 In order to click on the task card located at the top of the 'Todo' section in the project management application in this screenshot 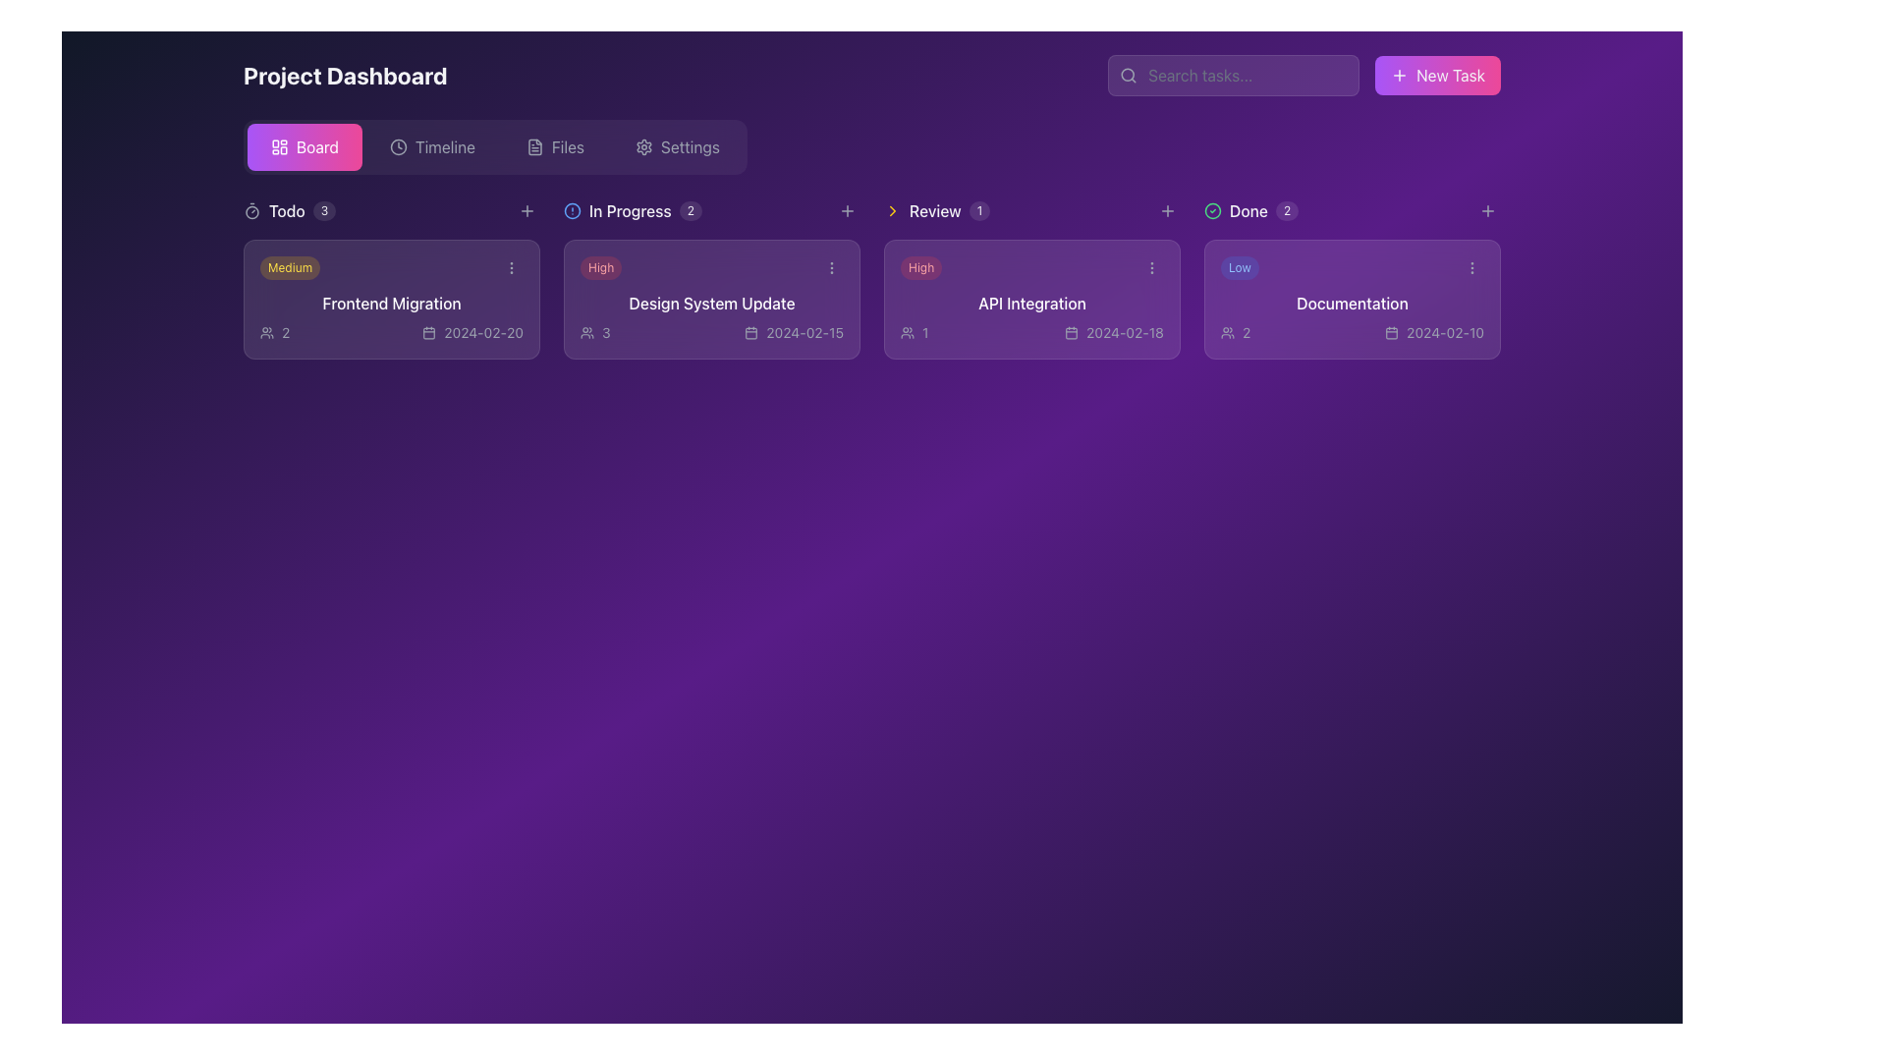, I will do `click(391, 299)`.